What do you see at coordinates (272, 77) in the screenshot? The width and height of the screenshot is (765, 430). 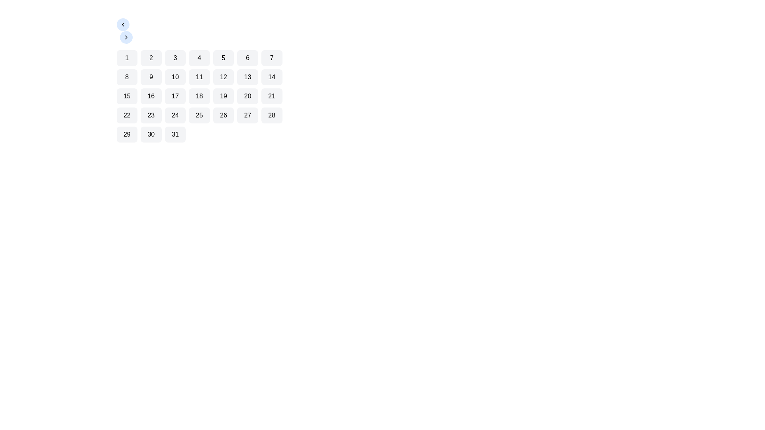 I see `the grid cell displaying the number '14', which is a small, rounded rectangle in the second row and seventh column of the grid layout` at bounding box center [272, 77].